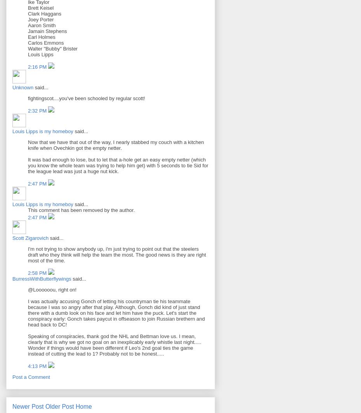  What do you see at coordinates (27, 406) in the screenshot?
I see `'Newer Post'` at bounding box center [27, 406].